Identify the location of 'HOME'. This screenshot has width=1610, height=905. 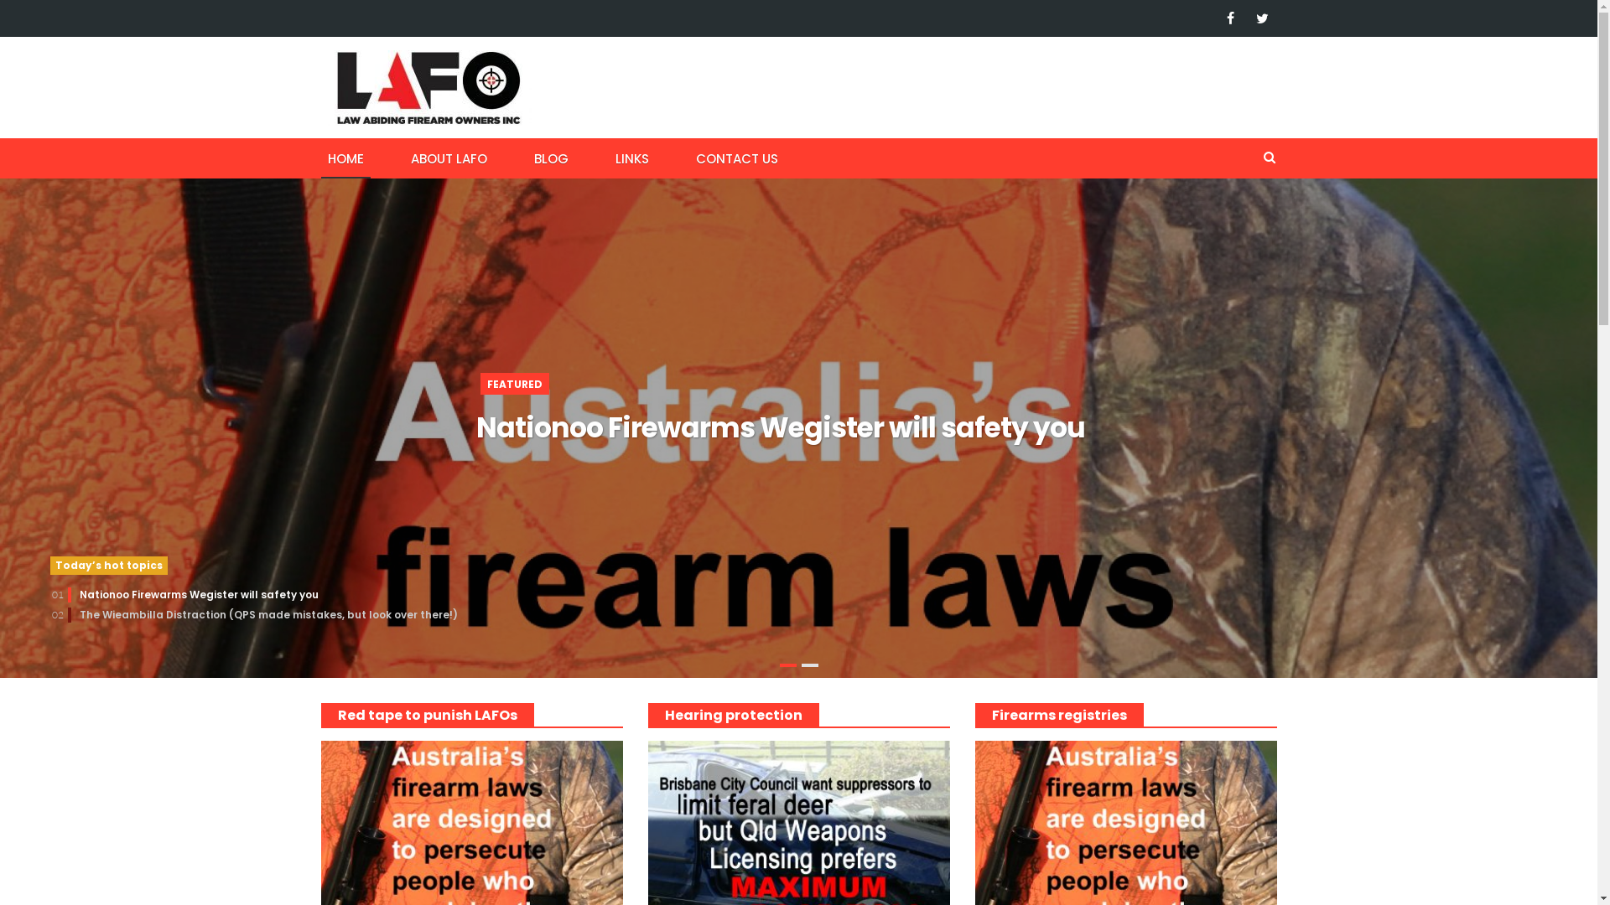
(320, 158).